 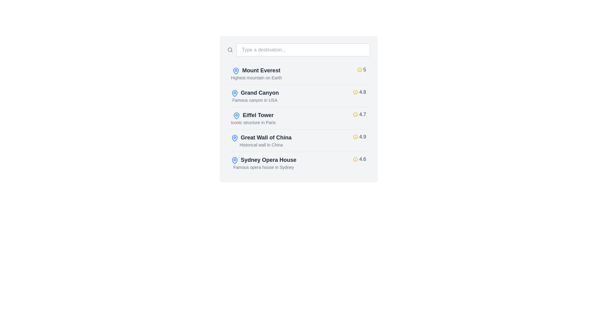 What do you see at coordinates (363, 159) in the screenshot?
I see `the text '4.6' in the rating indicator located at the bottom of the list under 'Sydney Opera House' for copying` at bounding box center [363, 159].